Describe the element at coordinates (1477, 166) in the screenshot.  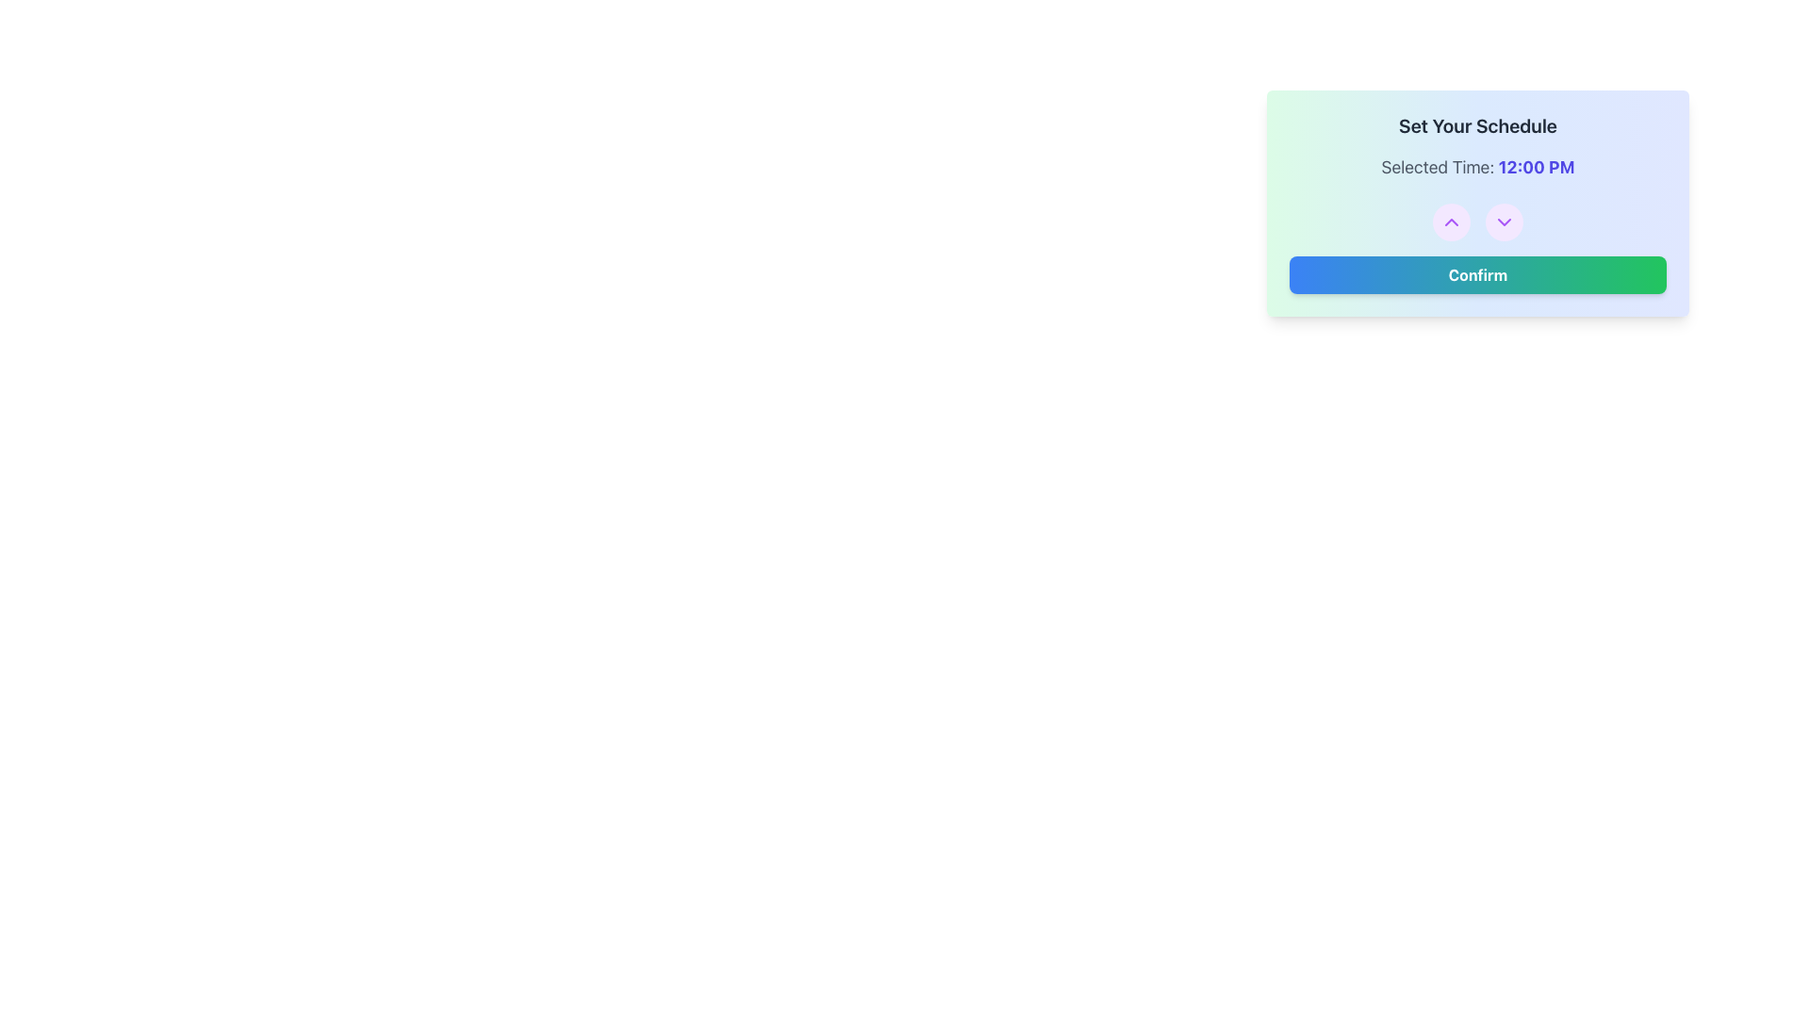
I see `the static text label displaying 'Selected Time: 12:00 PM', which is centrally aligned and styled with light gray and bold indigo colors, located below the heading 'Set Your Schedule'` at that location.